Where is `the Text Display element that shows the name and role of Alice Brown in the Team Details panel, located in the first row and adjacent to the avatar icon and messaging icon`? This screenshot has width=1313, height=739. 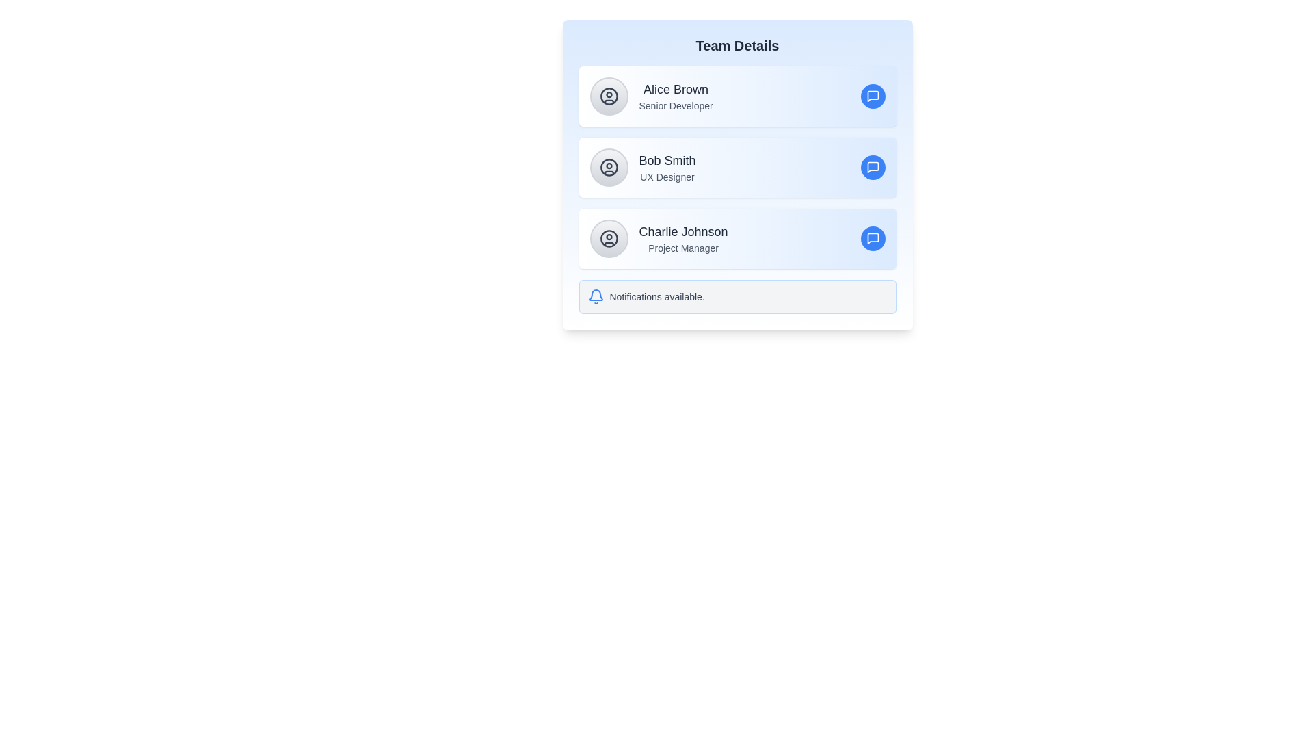
the Text Display element that shows the name and role of Alice Brown in the Team Details panel, located in the first row and adjacent to the avatar icon and messaging icon is located at coordinates (676, 96).